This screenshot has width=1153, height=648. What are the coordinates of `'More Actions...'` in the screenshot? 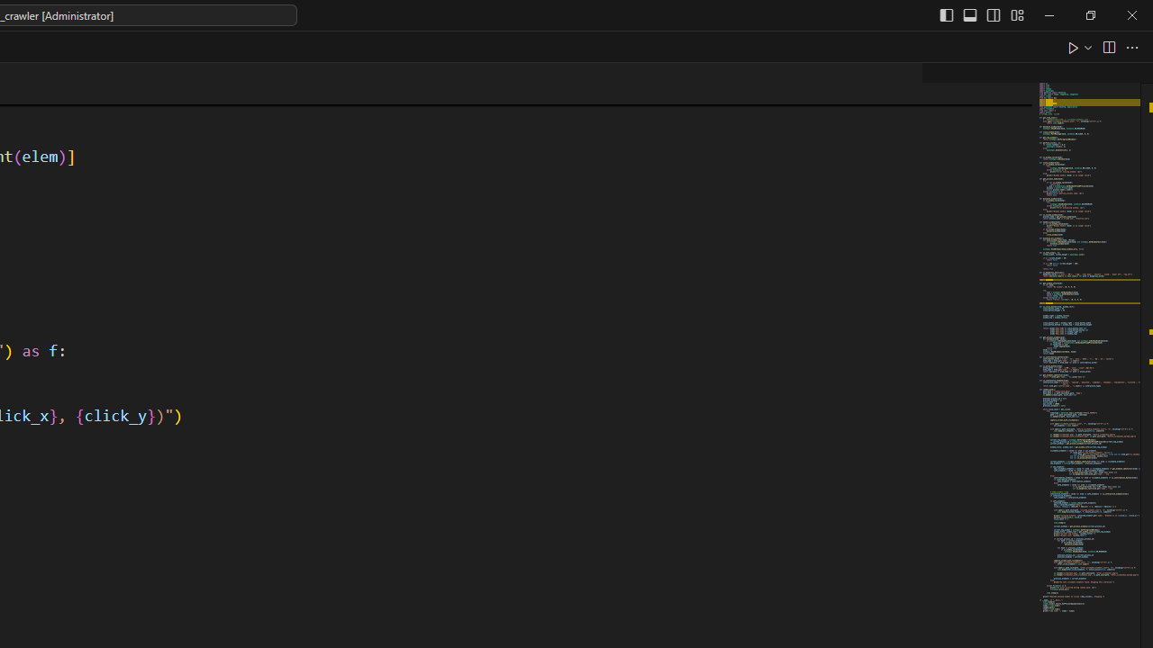 It's located at (1130, 46).